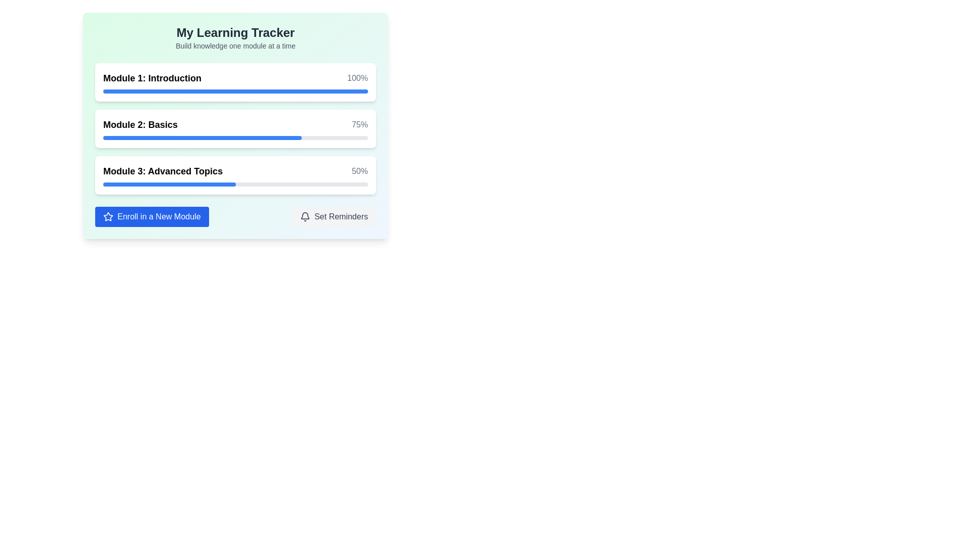 This screenshot has width=972, height=546. What do you see at coordinates (108, 216) in the screenshot?
I see `the icon located in the bottom-left region of the card, next to the 'Enroll in a New Module' text button, which indicates a rating or favorite status` at bounding box center [108, 216].